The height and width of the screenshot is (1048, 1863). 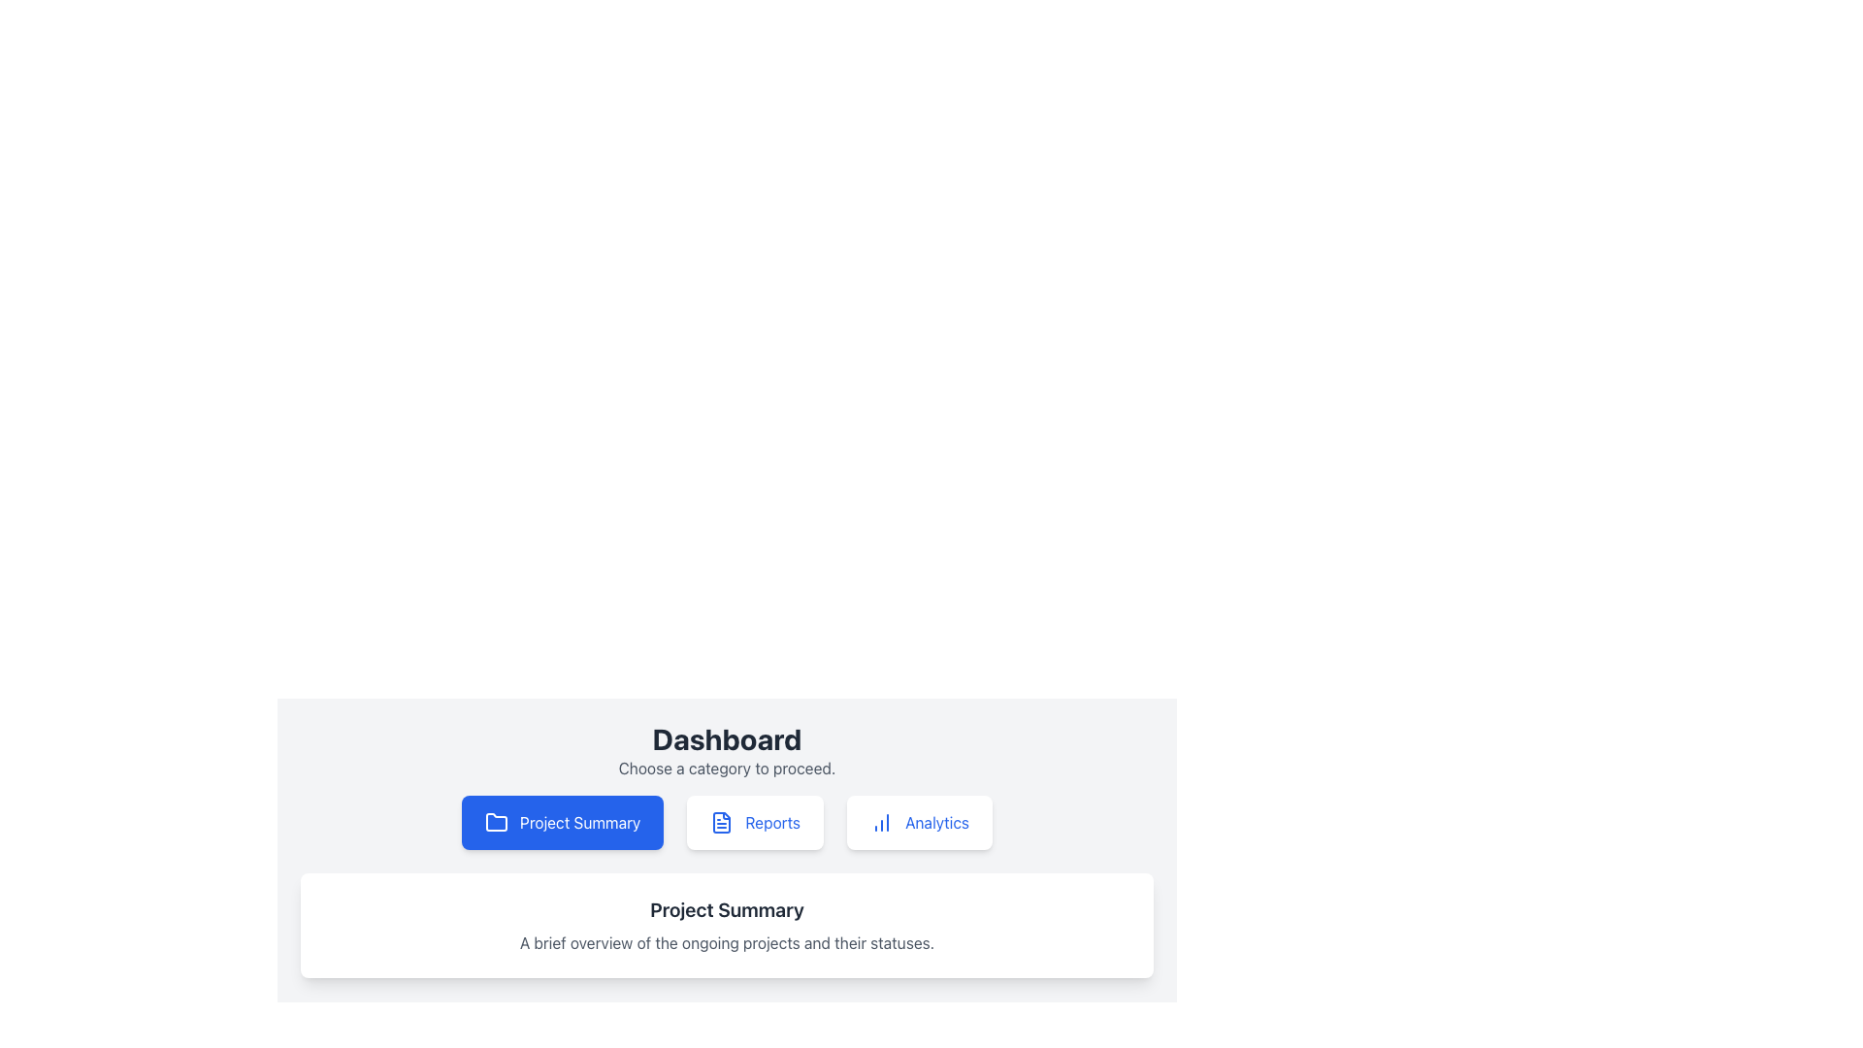 I want to click on the blue document icon located within the 'Reports' button, which is a white card with rounded edges and the text 'Reports' in blue, so click(x=721, y=823).